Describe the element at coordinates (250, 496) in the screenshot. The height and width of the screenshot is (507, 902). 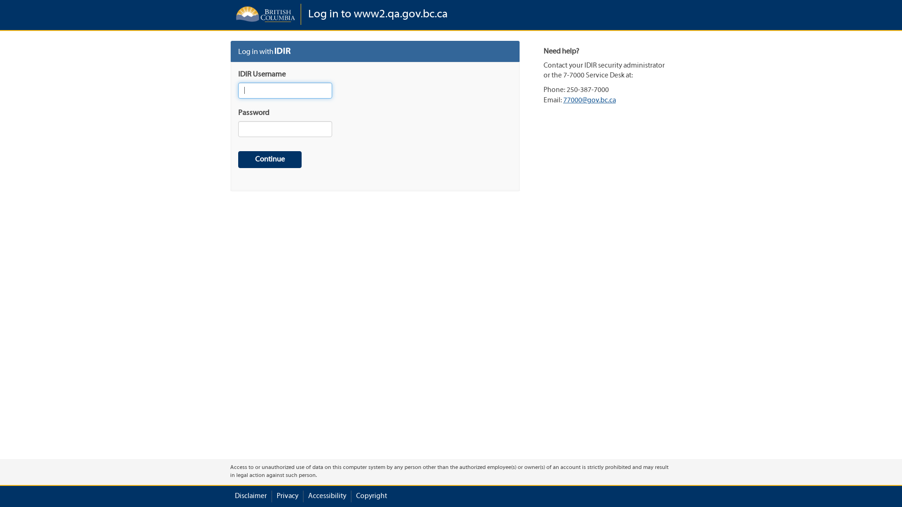
I see `'Disclaimer'` at that location.